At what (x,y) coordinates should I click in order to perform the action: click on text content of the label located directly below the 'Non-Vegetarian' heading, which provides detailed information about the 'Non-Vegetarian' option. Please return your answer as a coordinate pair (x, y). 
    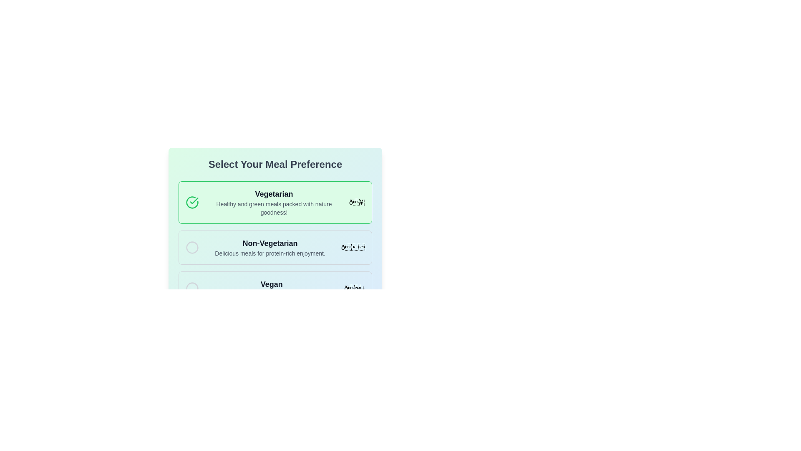
    Looking at the image, I should click on (270, 253).